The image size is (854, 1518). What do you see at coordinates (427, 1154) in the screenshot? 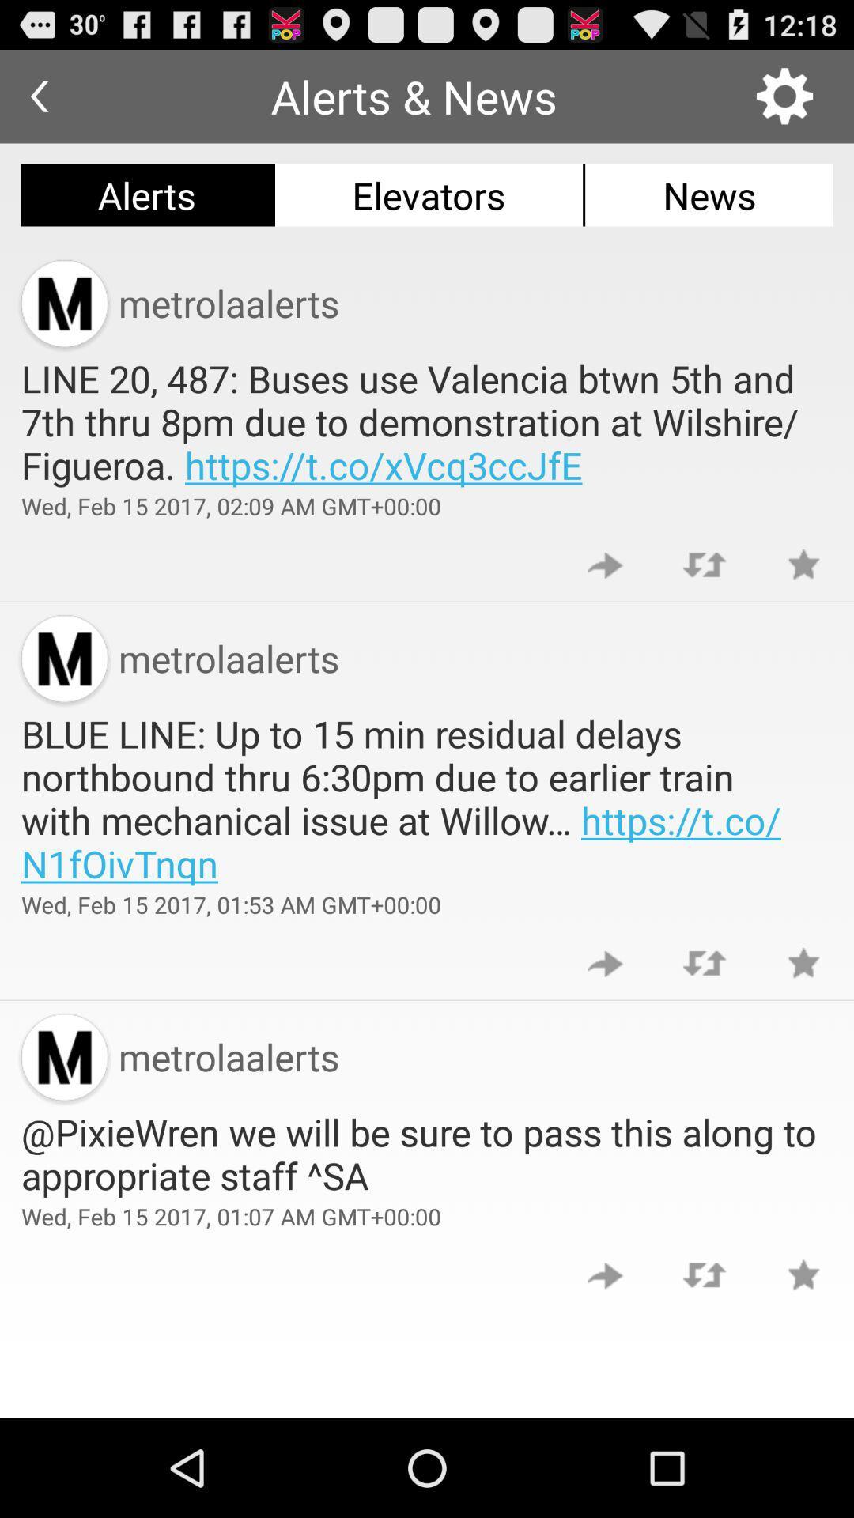
I see `the app above wed feb 15` at bounding box center [427, 1154].